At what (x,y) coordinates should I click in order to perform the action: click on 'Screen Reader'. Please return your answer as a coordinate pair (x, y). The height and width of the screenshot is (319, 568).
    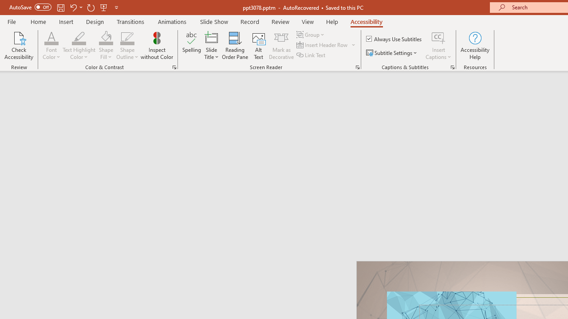
    Looking at the image, I should click on (357, 66).